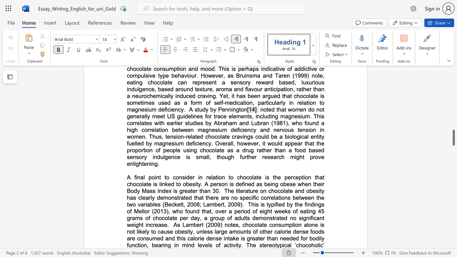 This screenshot has width=457, height=257. Describe the element at coordinates (453, 85) in the screenshot. I see `the scrollbar on the side` at that location.